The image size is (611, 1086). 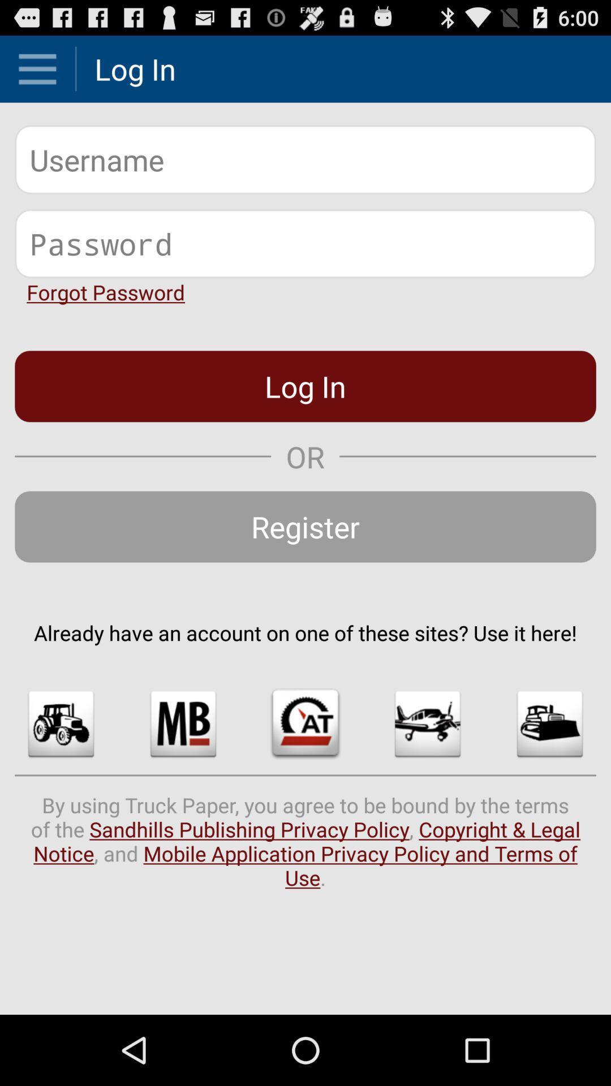 What do you see at coordinates (428, 724) in the screenshot?
I see `item below already have an` at bounding box center [428, 724].